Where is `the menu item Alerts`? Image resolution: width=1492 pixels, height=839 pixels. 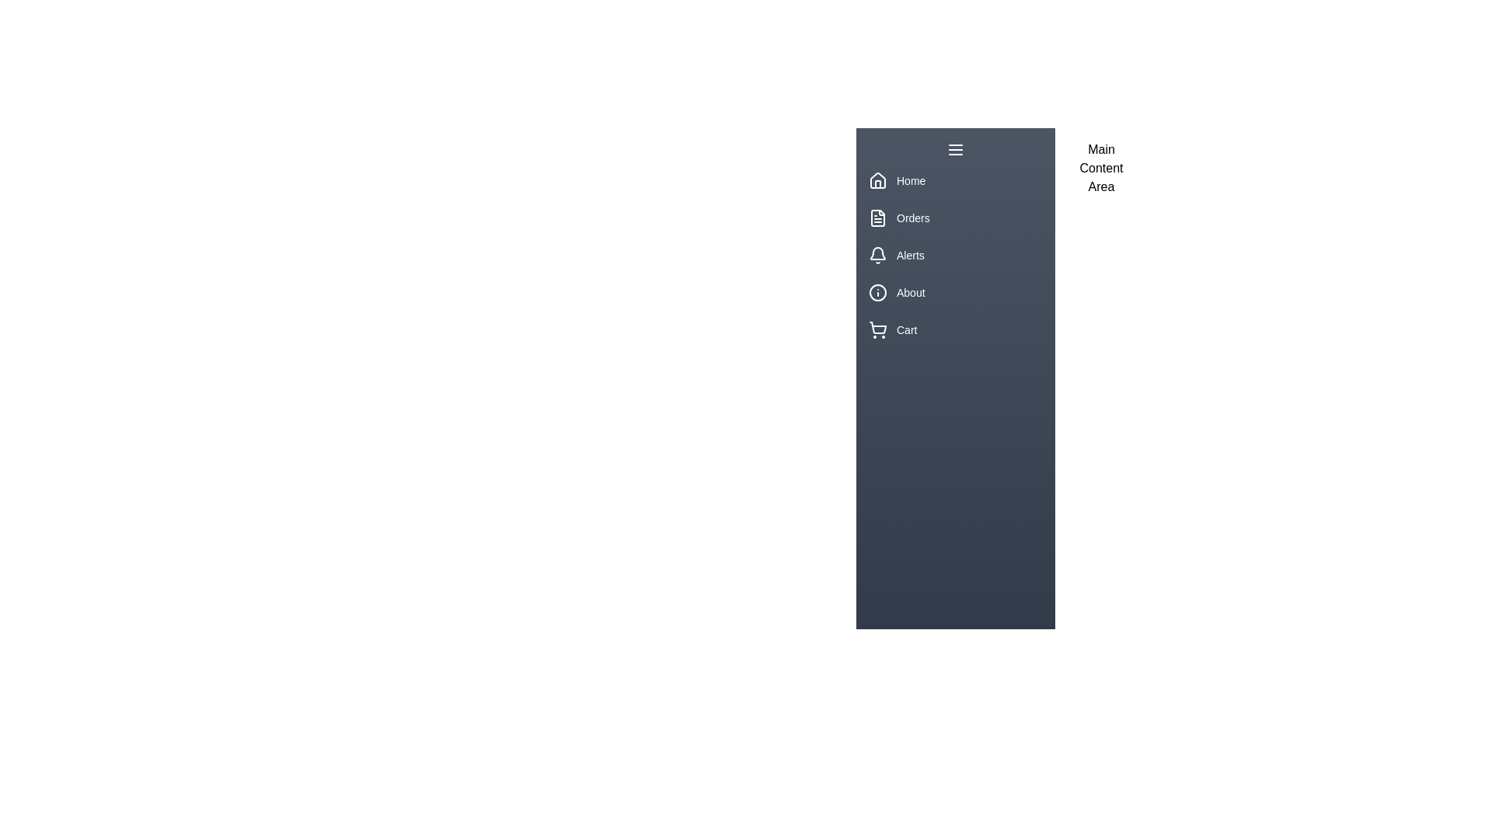
the menu item Alerts is located at coordinates (954, 254).